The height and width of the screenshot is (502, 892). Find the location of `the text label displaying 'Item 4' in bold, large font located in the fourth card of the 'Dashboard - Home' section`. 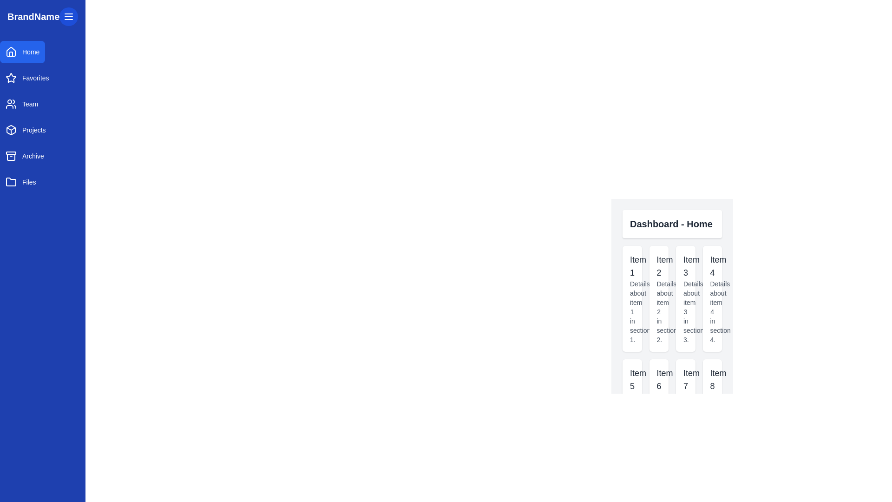

the text label displaying 'Item 4' in bold, large font located in the fourth card of the 'Dashboard - Home' section is located at coordinates (712, 266).